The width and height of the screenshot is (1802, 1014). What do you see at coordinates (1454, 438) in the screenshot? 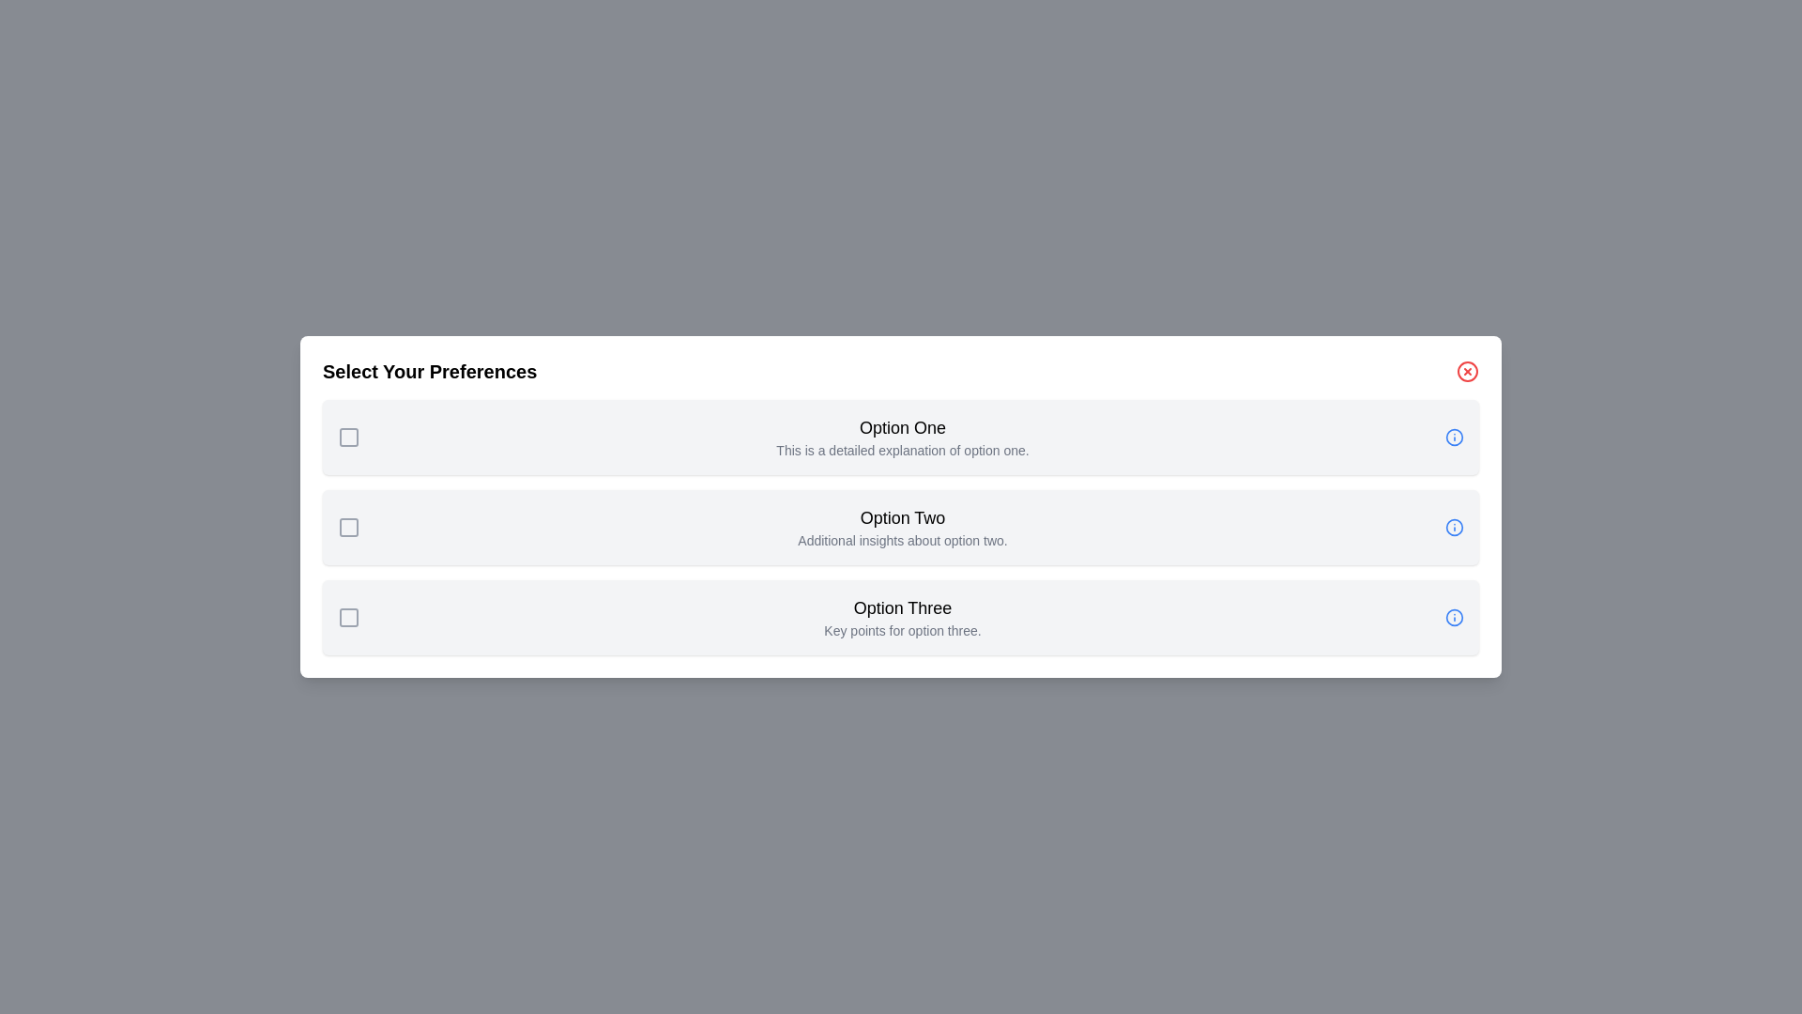
I see `the blue circular icon with a white background and 'i' symbol in the 'Option One' section` at bounding box center [1454, 438].